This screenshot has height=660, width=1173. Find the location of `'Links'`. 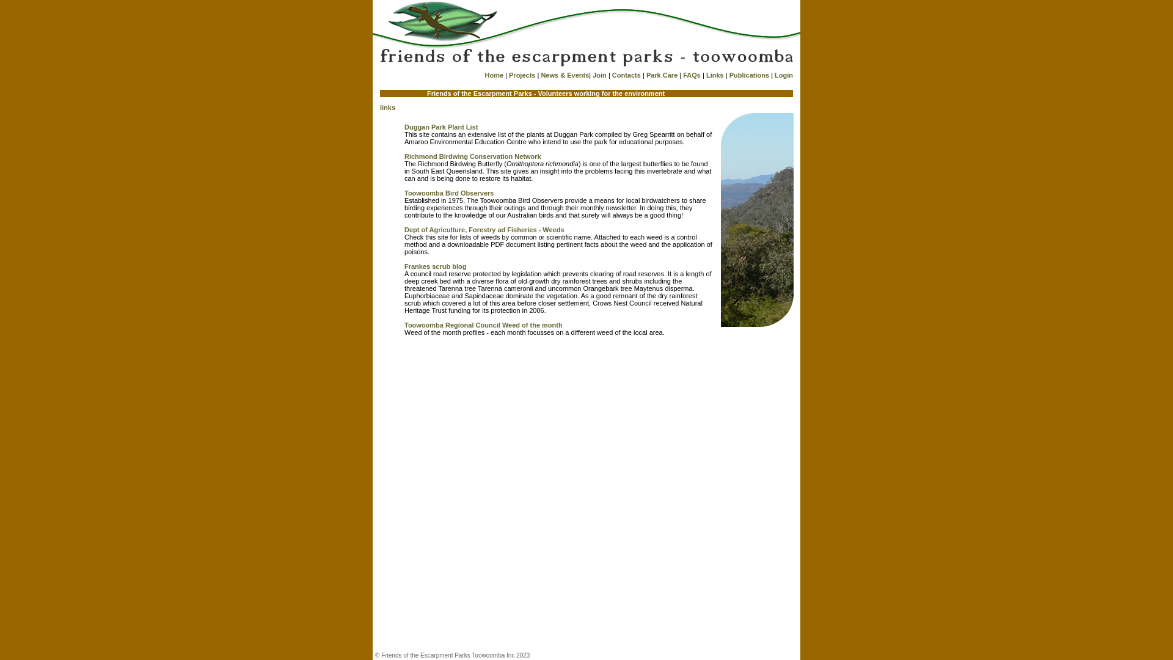

'Links' is located at coordinates (715, 75).